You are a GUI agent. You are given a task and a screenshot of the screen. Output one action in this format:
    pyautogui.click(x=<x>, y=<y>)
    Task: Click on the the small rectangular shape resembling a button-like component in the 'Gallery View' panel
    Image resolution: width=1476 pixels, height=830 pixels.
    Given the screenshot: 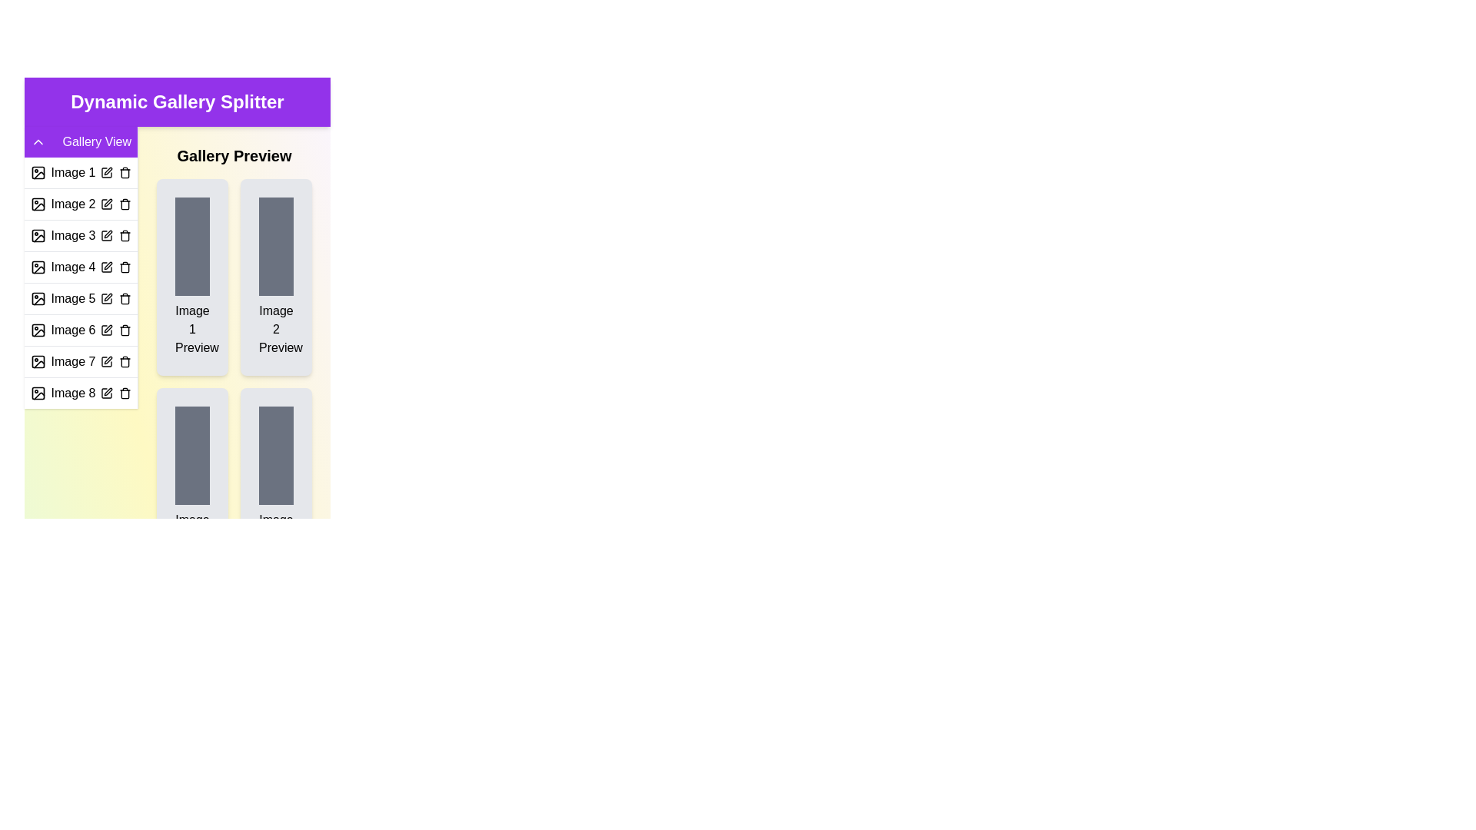 What is the action you would take?
    pyautogui.click(x=38, y=204)
    